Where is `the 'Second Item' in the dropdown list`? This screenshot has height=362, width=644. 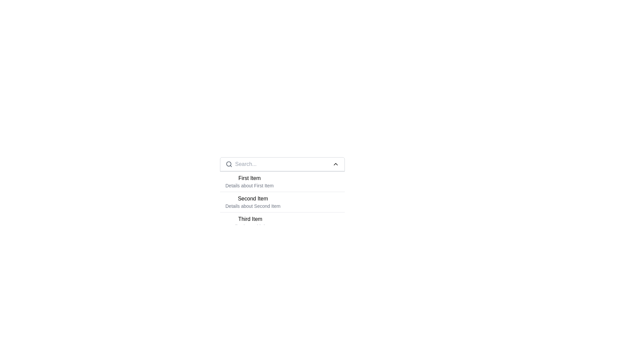
the 'Second Item' in the dropdown list is located at coordinates (282, 197).